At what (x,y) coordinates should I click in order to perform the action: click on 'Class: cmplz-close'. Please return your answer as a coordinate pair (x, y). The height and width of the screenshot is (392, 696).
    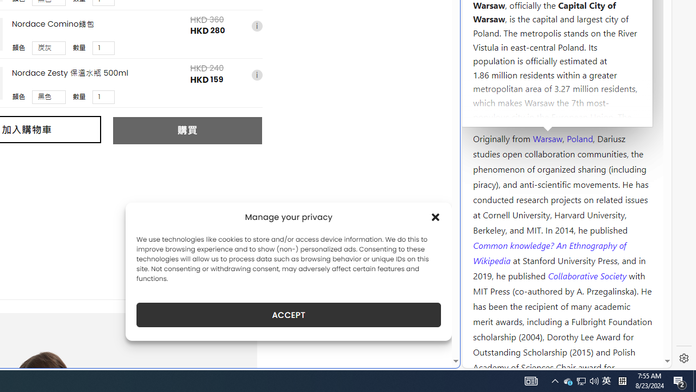
    Looking at the image, I should click on (436, 217).